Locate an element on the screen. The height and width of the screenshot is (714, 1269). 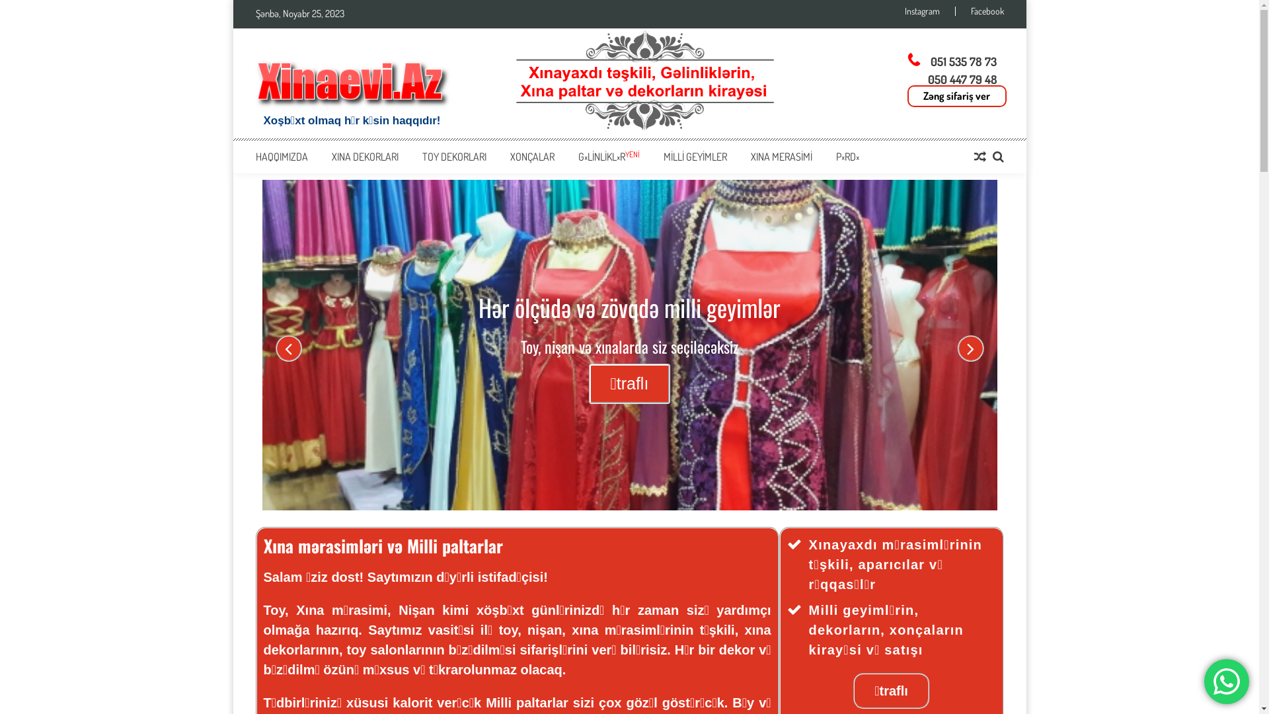
'MILLI GEYIMLER' is located at coordinates (694, 155).